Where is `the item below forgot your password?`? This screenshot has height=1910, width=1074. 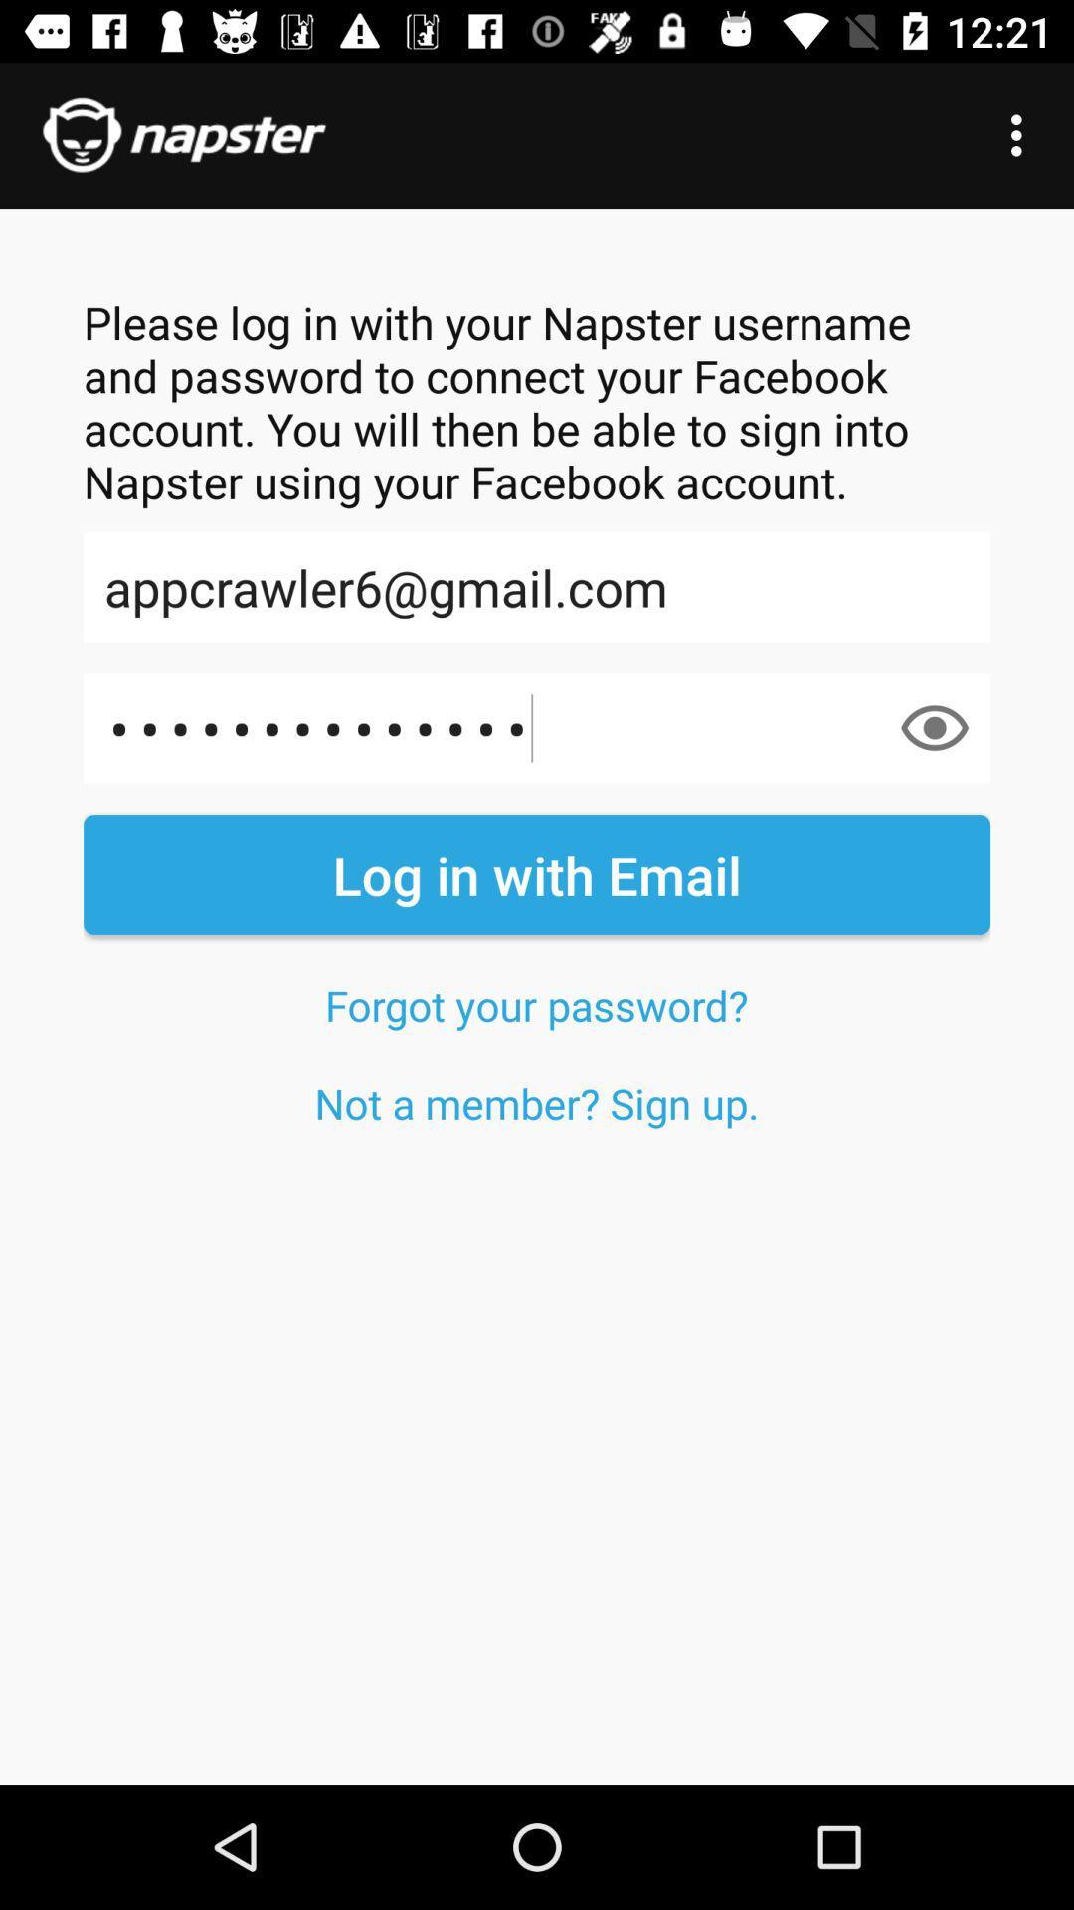
the item below forgot your password? is located at coordinates (537, 1102).